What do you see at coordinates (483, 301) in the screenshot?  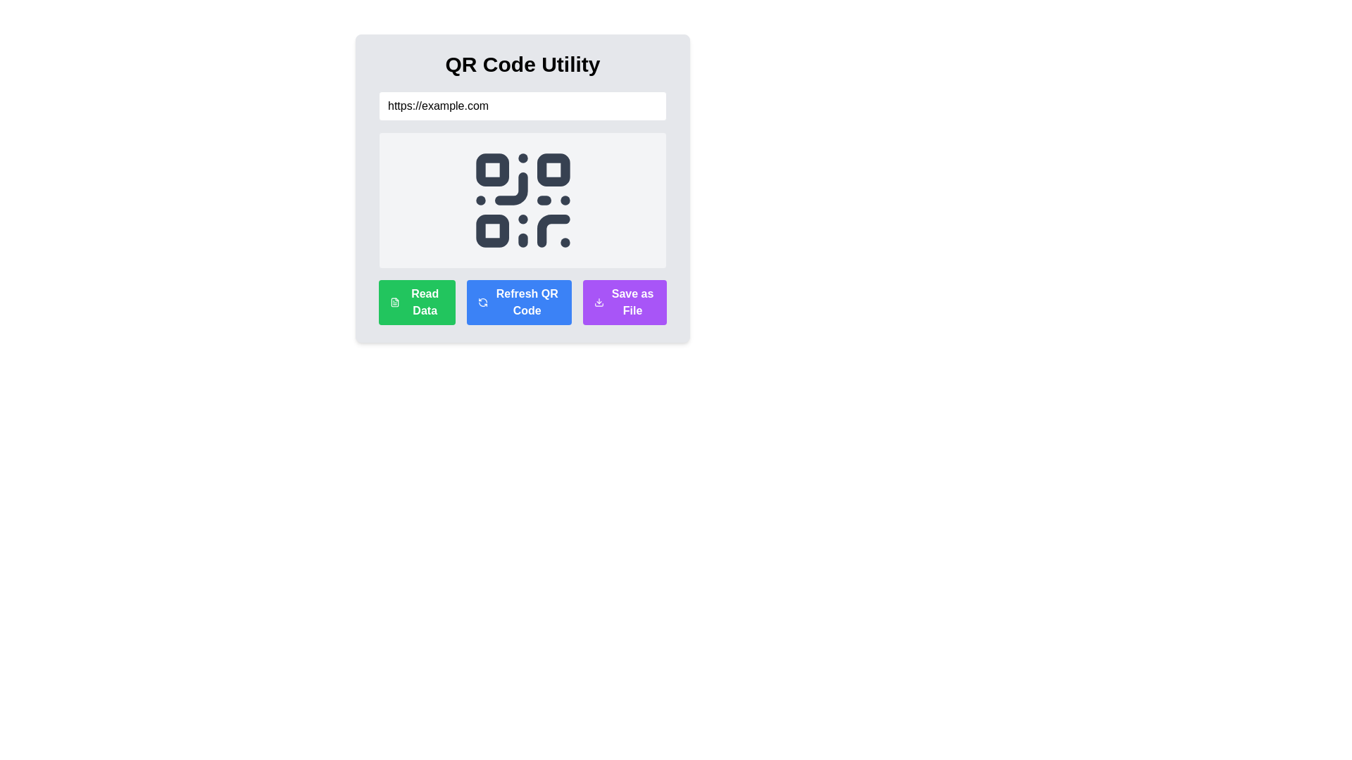 I see `the refresh icon located within the 'Refresh QR Code' button, which features a circular arrow design and is positioned to the left of the button's text` at bounding box center [483, 301].